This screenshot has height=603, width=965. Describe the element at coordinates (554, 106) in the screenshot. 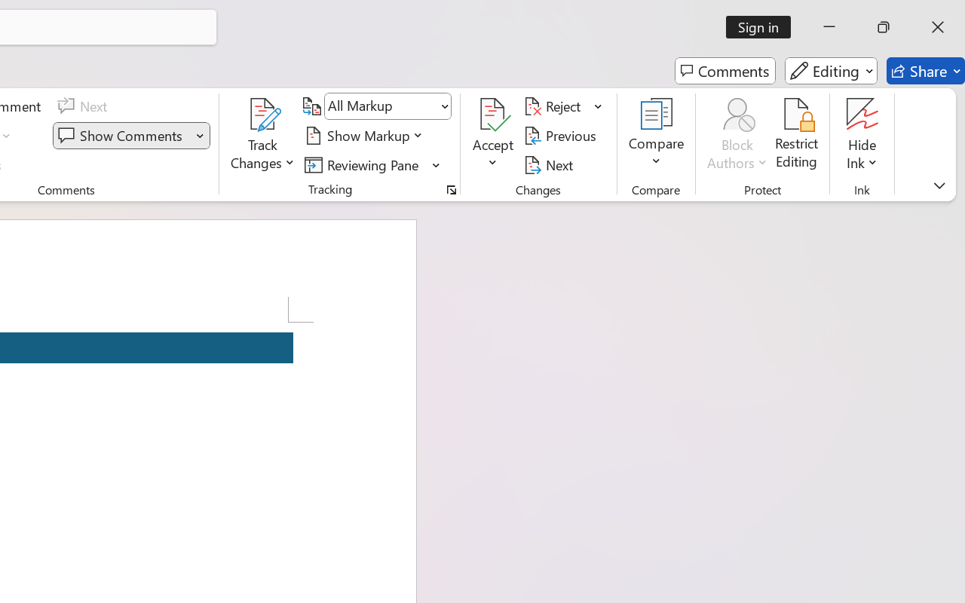

I see `'Reject and Move to Next'` at that location.